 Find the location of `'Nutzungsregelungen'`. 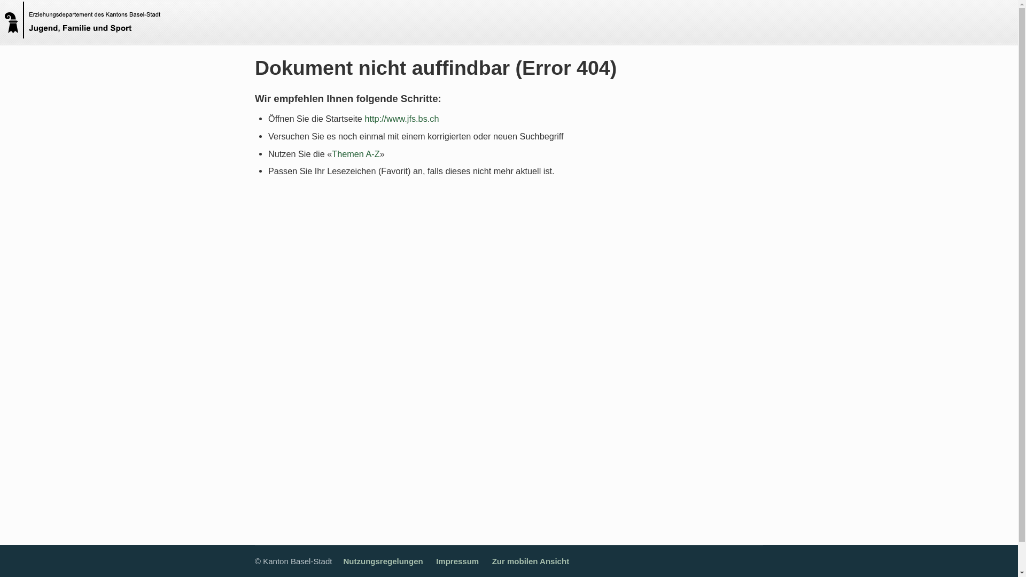

'Nutzungsregelungen' is located at coordinates (383, 560).